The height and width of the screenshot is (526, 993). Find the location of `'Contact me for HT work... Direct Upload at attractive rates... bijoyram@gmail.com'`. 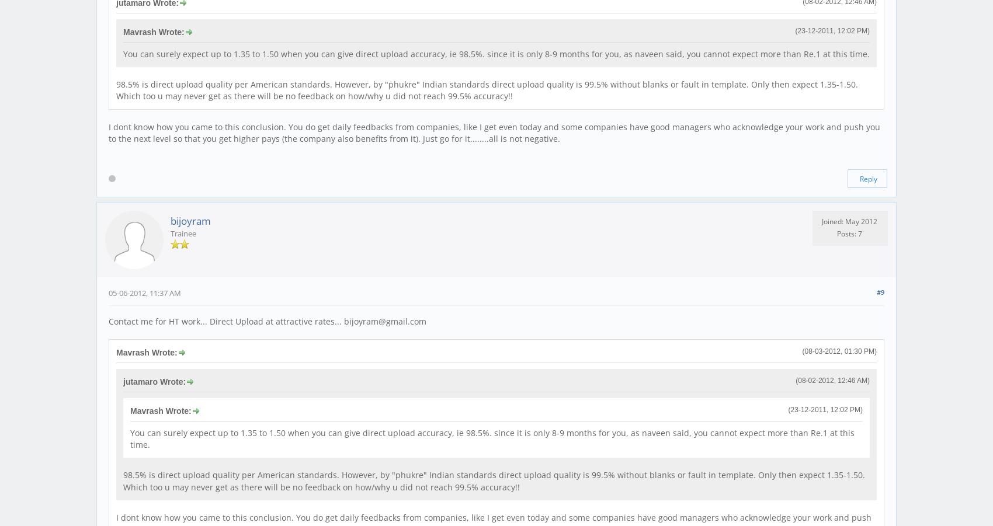

'Contact me for HT work... Direct Upload at attractive rates... bijoyram@gmail.com' is located at coordinates (107, 321).